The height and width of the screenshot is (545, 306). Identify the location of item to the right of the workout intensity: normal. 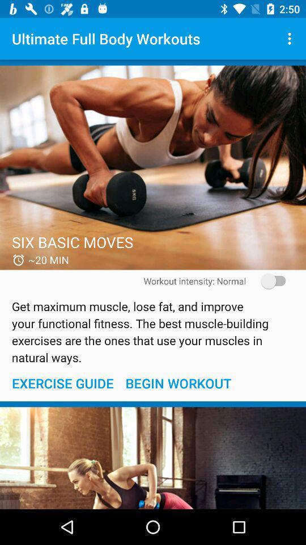
(269, 280).